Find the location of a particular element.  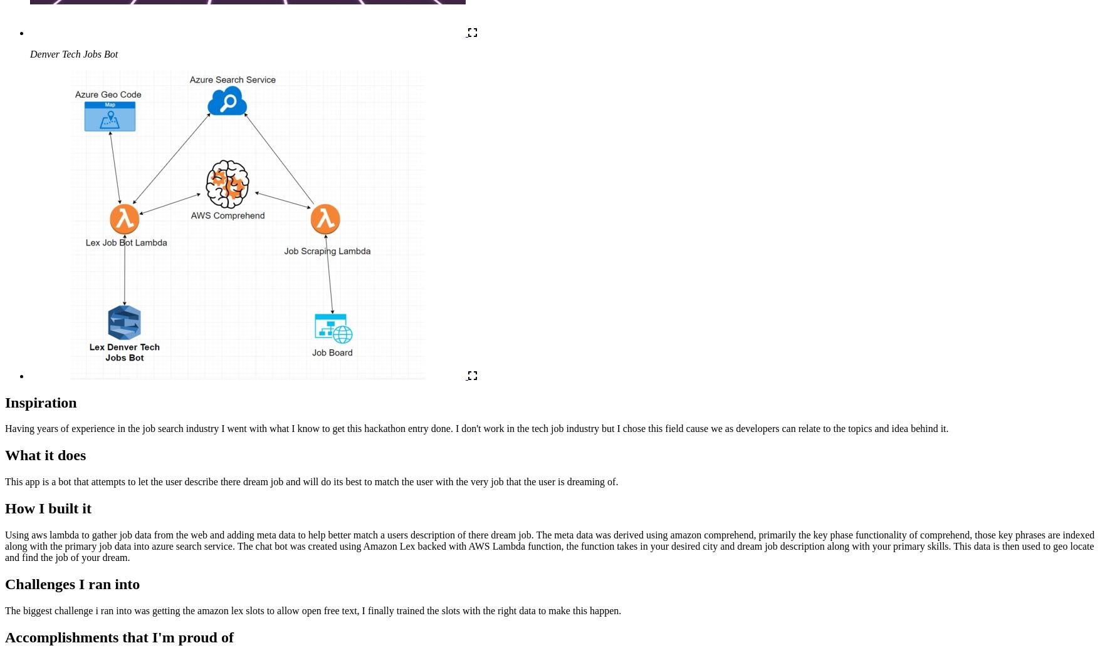

'Having years of experience in the job search industry I went with what I know to get this hackathon entry done. I don't work in the tech job industry but I chose this field cause we as developers can relate to the topics and idea behind it.' is located at coordinates (476, 428).